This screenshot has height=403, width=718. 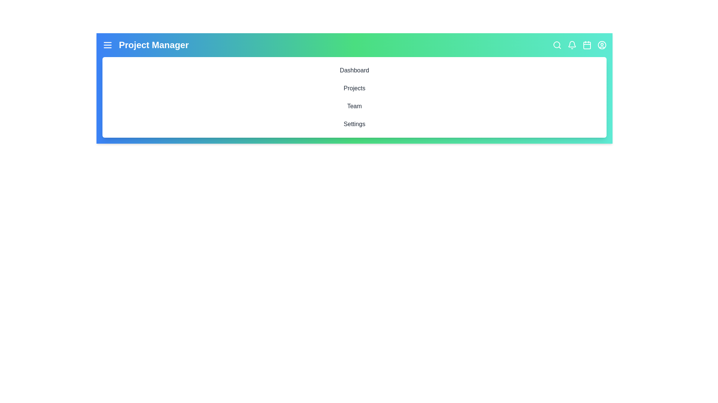 I want to click on the interactive element Projects to inspect its hover effect, so click(x=354, y=88).